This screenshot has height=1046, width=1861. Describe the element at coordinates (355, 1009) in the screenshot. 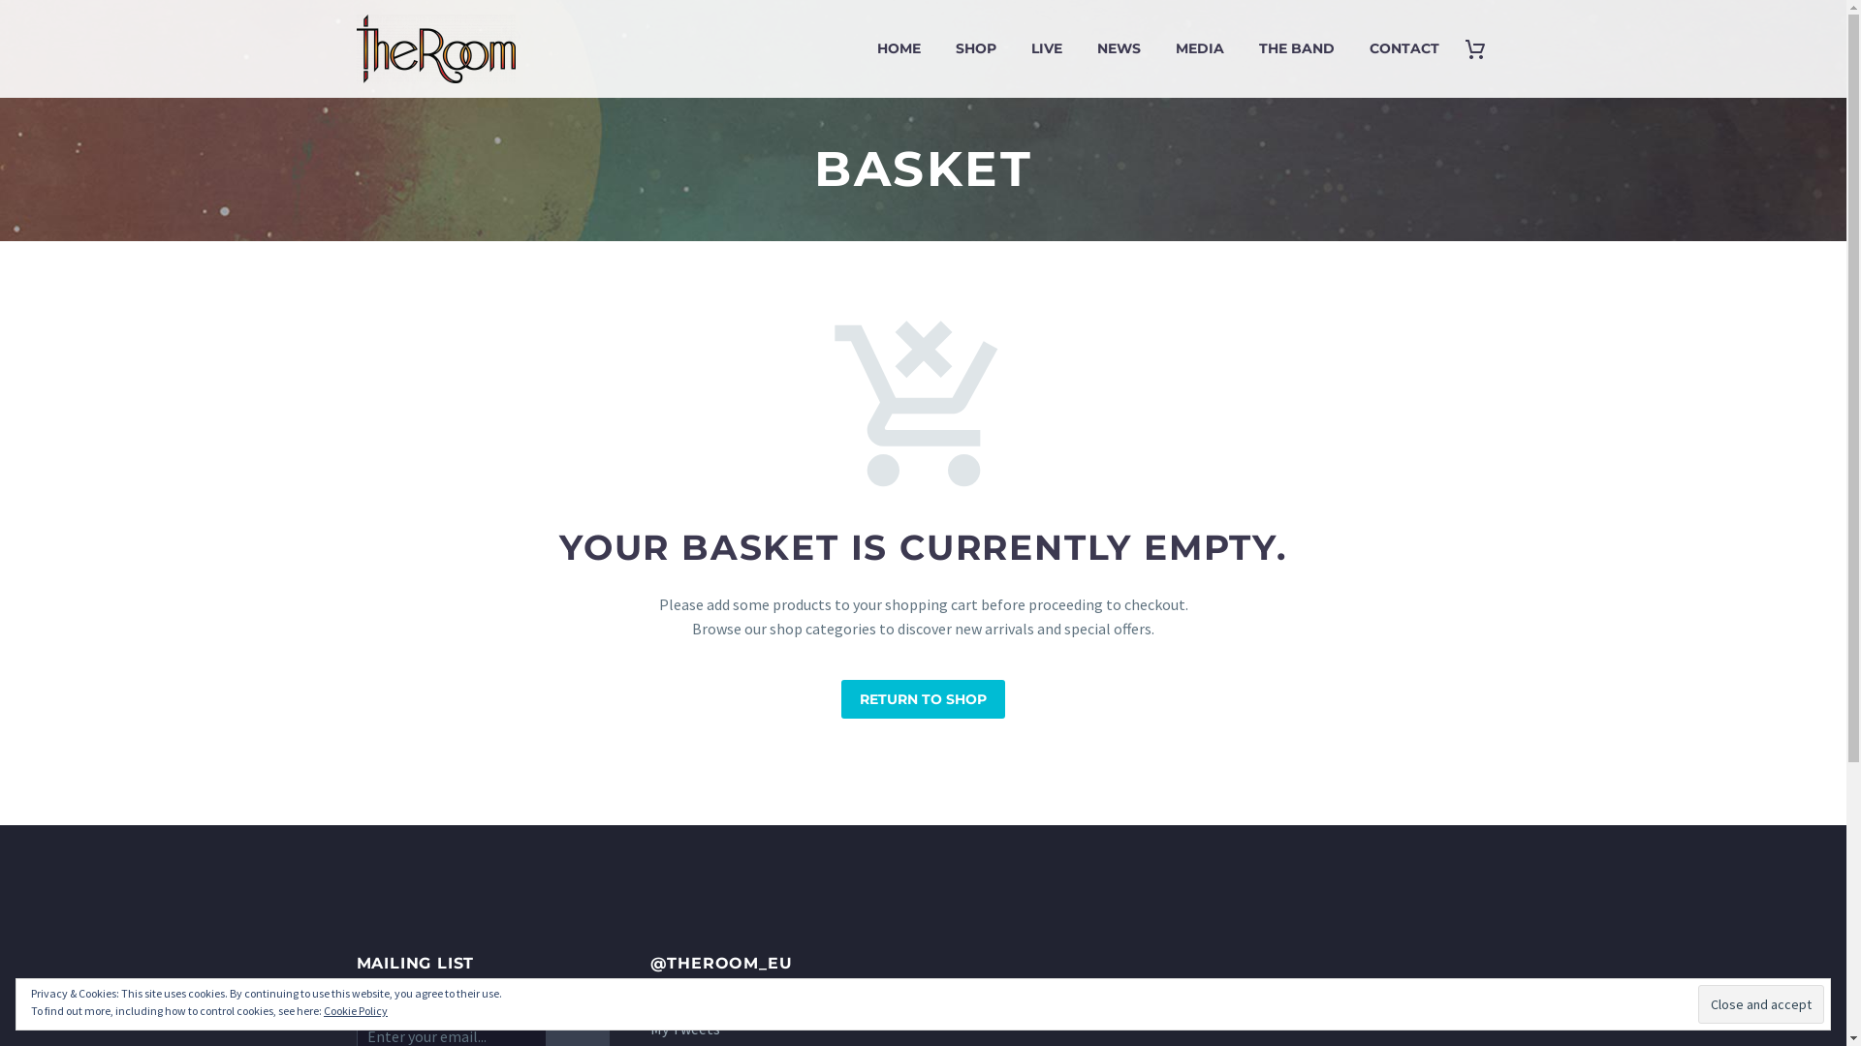

I see `'Cookie Policy'` at that location.